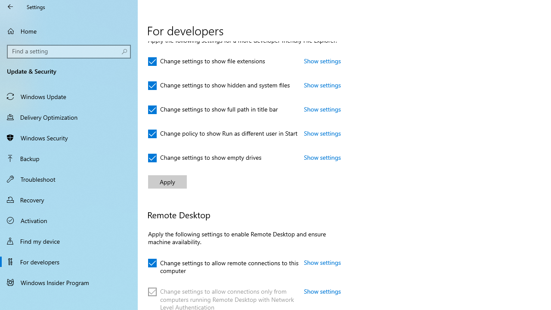  What do you see at coordinates (10, 6) in the screenshot?
I see `'Back'` at bounding box center [10, 6].